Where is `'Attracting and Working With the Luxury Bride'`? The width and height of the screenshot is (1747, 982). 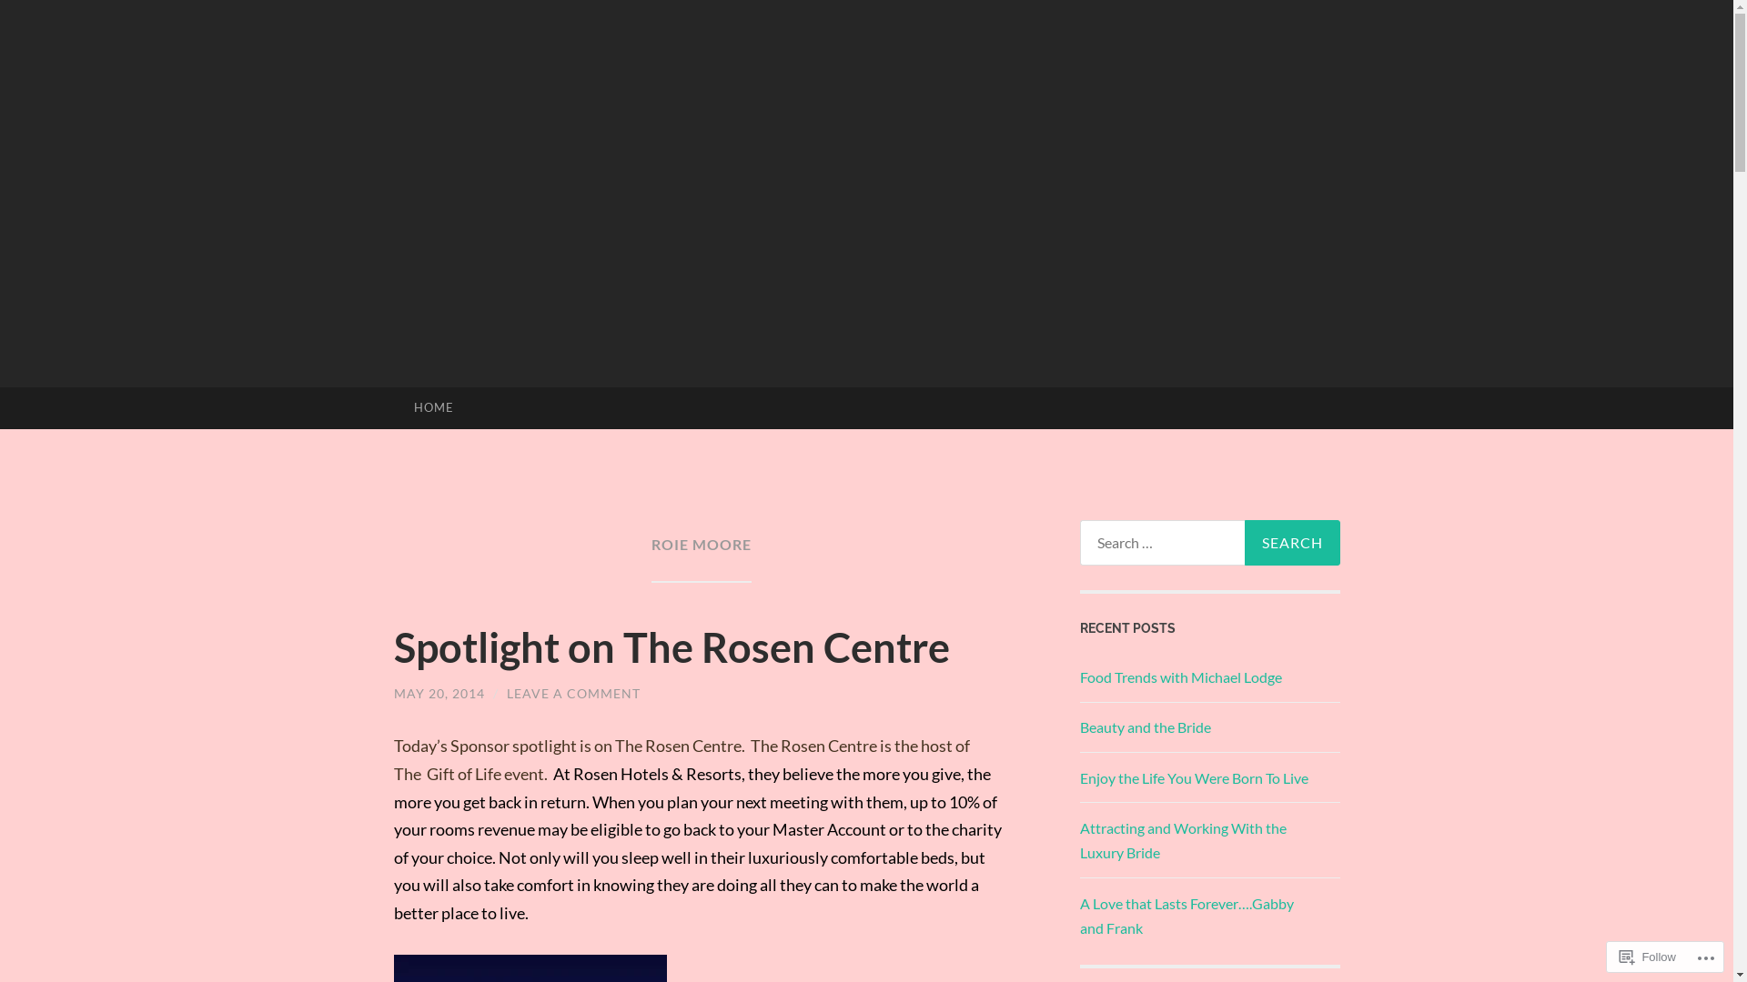 'Attracting and Working With the Luxury Bride' is located at coordinates (1078, 840).